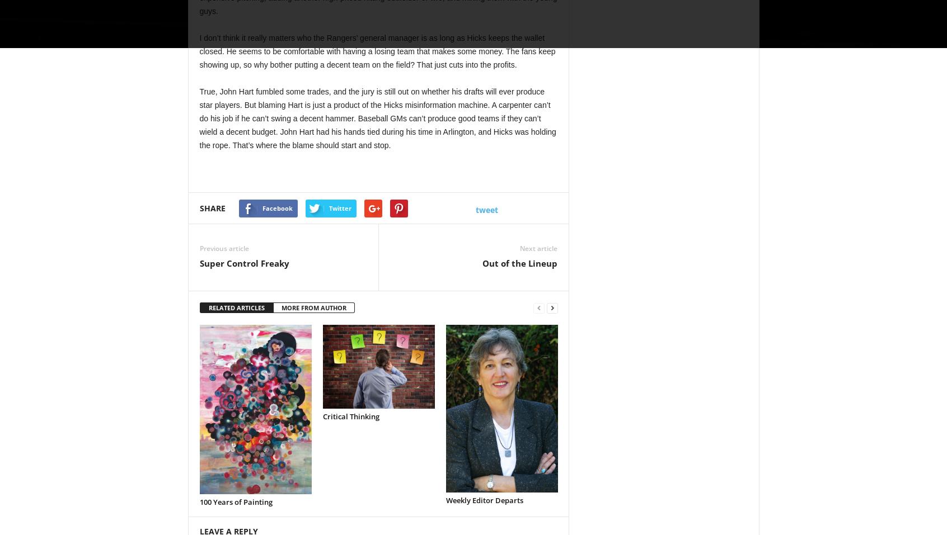 The image size is (947, 535). I want to click on 'Super Control Freaky', so click(243, 263).